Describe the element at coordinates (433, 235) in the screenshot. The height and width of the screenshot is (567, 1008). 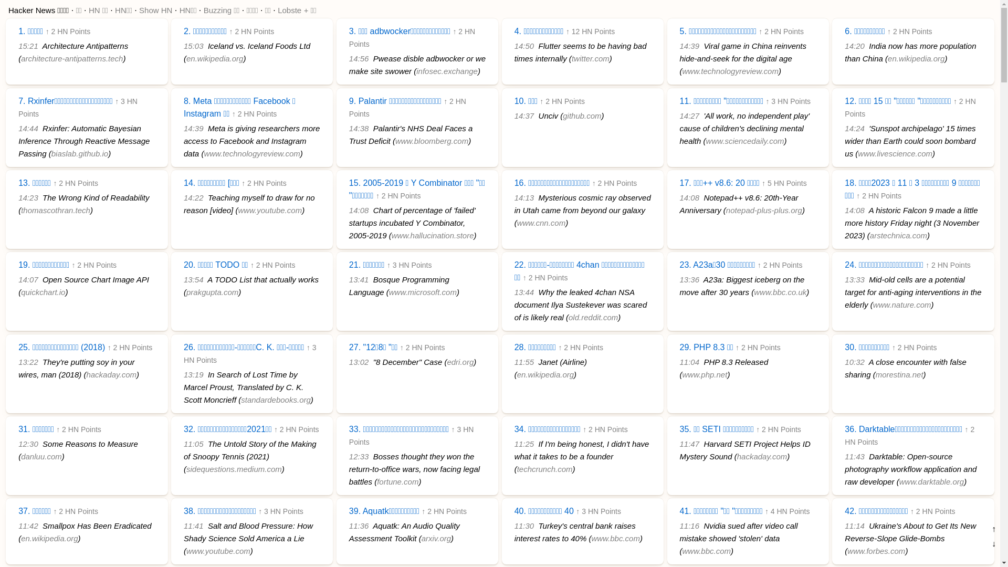
I see `'www.hallucination.store'` at that location.